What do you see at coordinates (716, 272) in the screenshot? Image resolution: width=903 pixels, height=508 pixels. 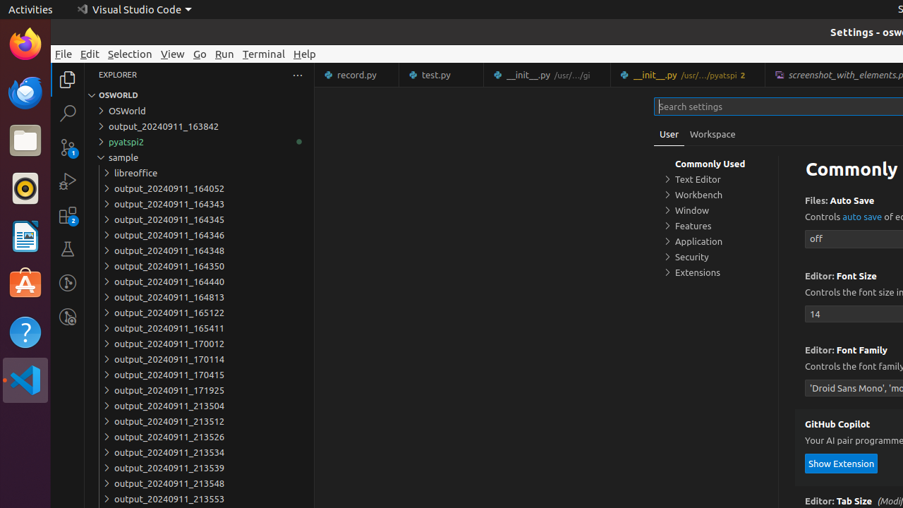 I see `'Extensions, group'` at bounding box center [716, 272].